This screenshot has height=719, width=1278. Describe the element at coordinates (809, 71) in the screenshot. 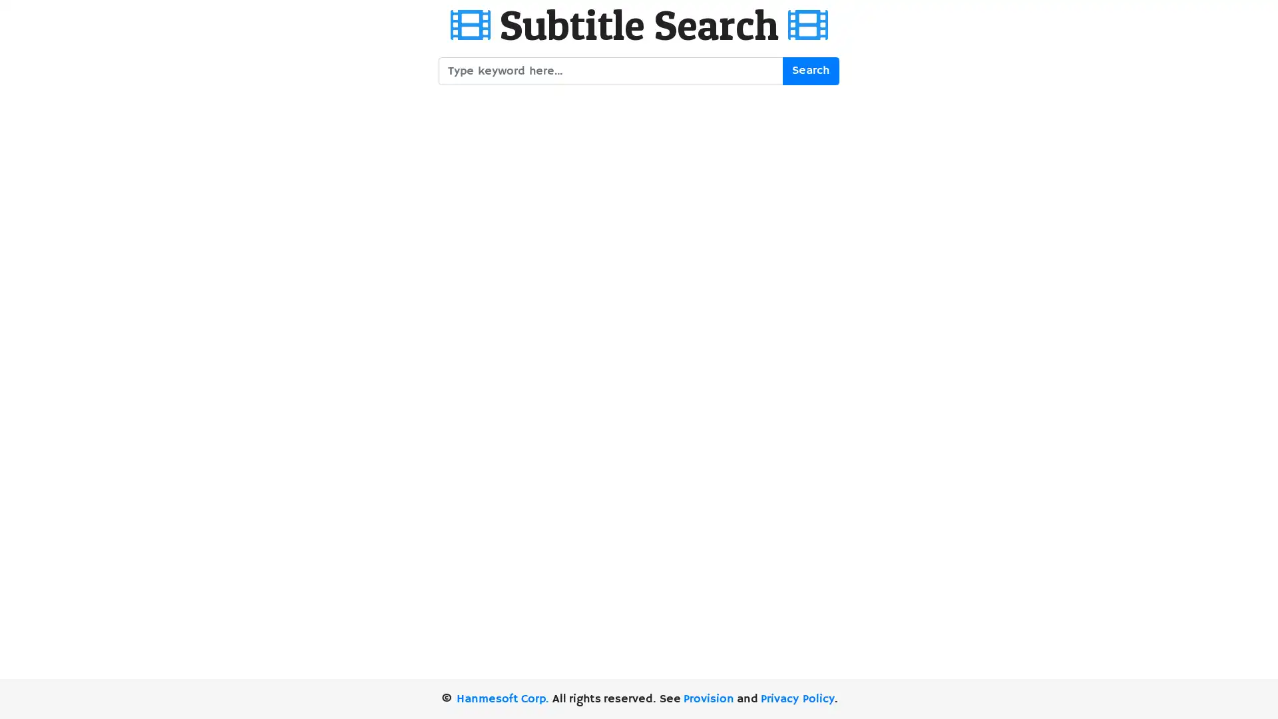

I see `Search` at that location.